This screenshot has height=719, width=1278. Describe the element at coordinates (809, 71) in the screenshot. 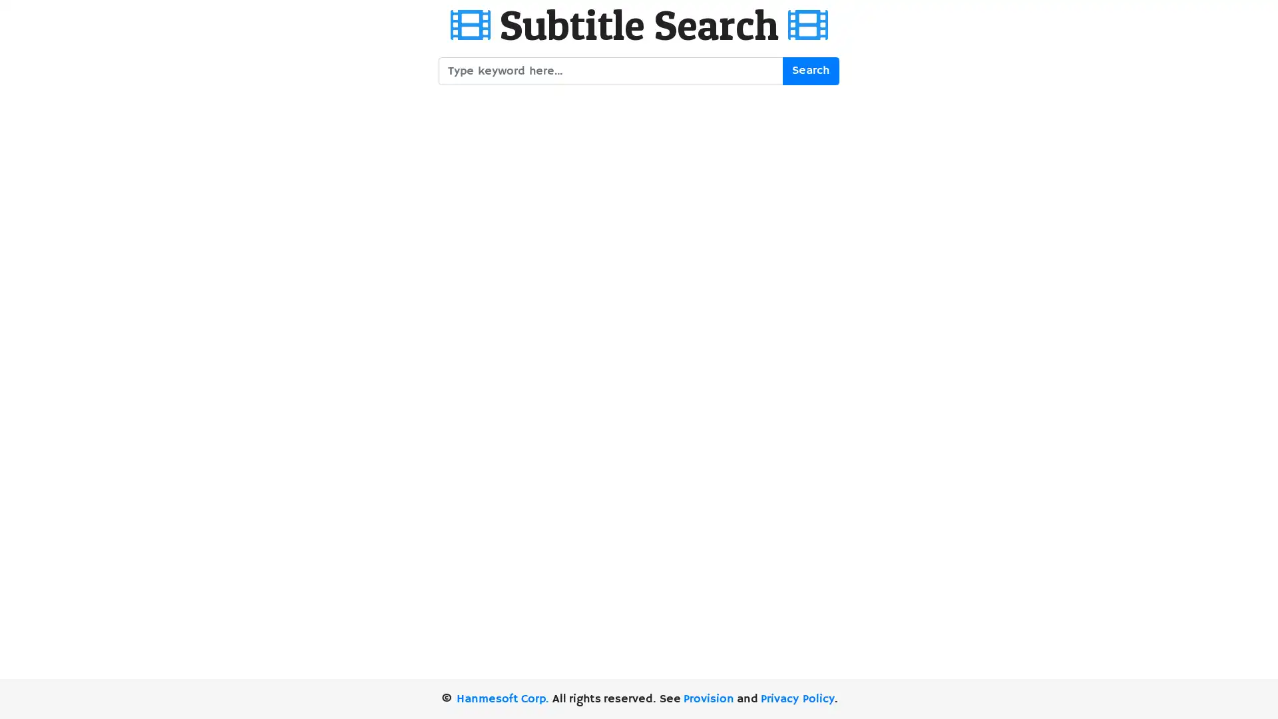

I see `Search` at that location.